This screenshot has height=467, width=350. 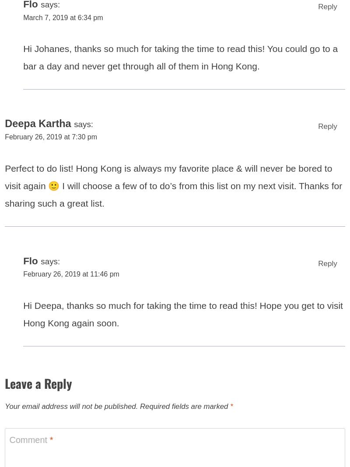 What do you see at coordinates (173, 190) in the screenshot?
I see `'Perfect to do list! Hong Kong is always my favorite place & will never be bored to visit again 🙂 I will choose a few of to do’s from this list on my next visit. Thanks for sharing such a great list.'` at bounding box center [173, 190].